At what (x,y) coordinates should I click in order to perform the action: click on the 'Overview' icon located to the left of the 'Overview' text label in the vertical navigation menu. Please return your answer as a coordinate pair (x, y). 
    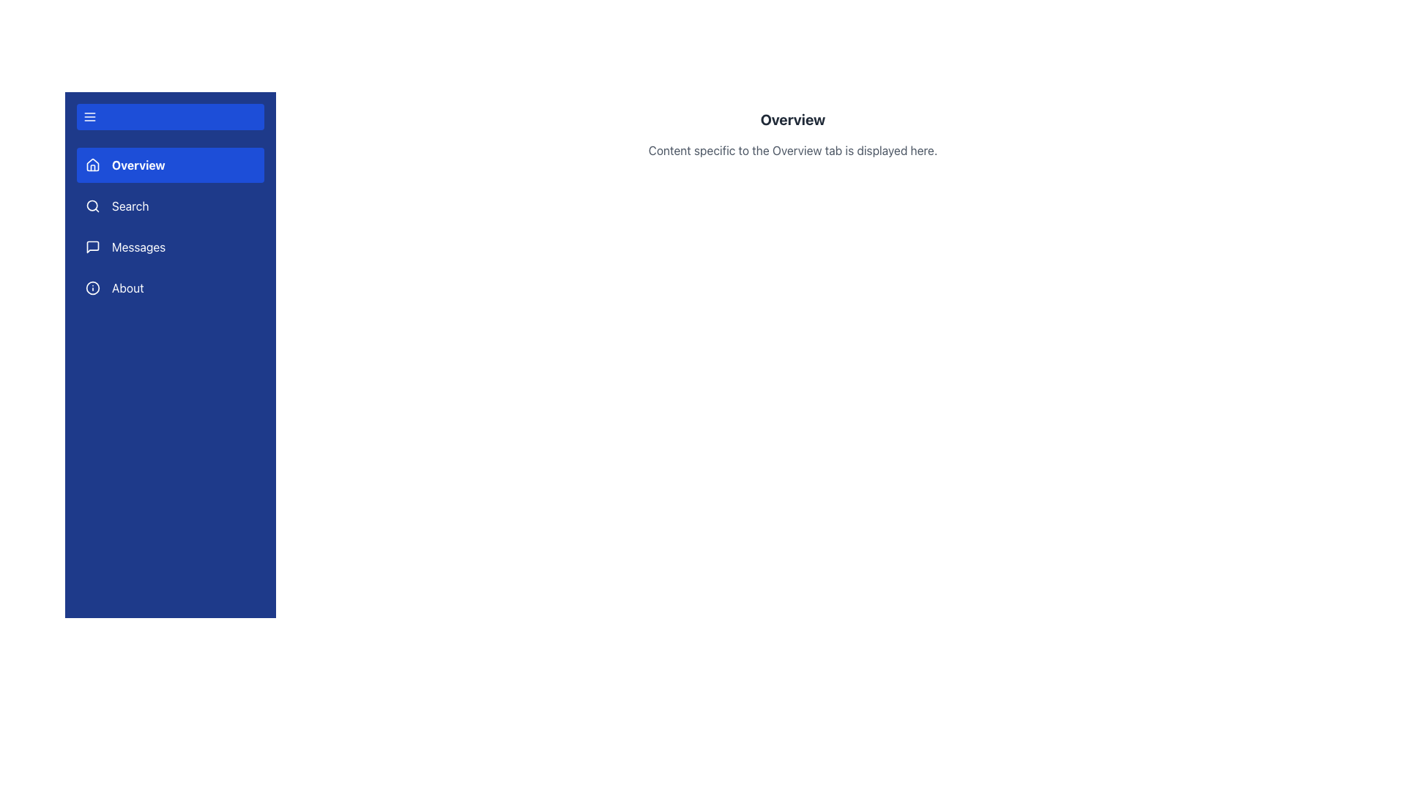
    Looking at the image, I should click on (92, 165).